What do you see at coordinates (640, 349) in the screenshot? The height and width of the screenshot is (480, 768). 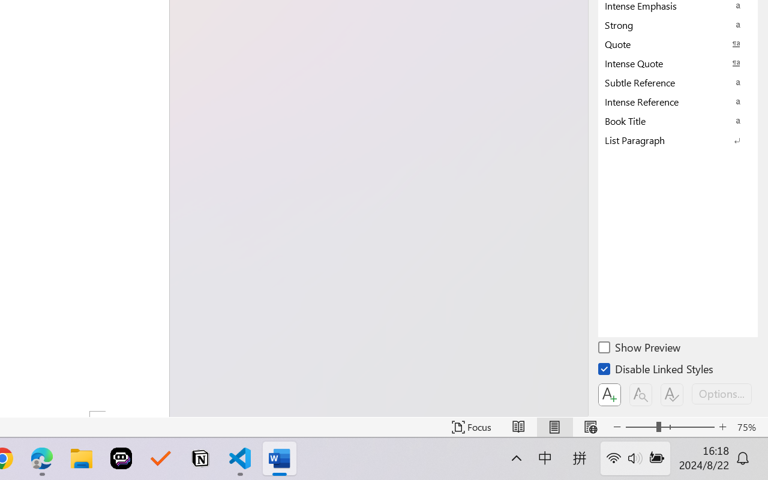 I see `'Show Preview'` at bounding box center [640, 349].